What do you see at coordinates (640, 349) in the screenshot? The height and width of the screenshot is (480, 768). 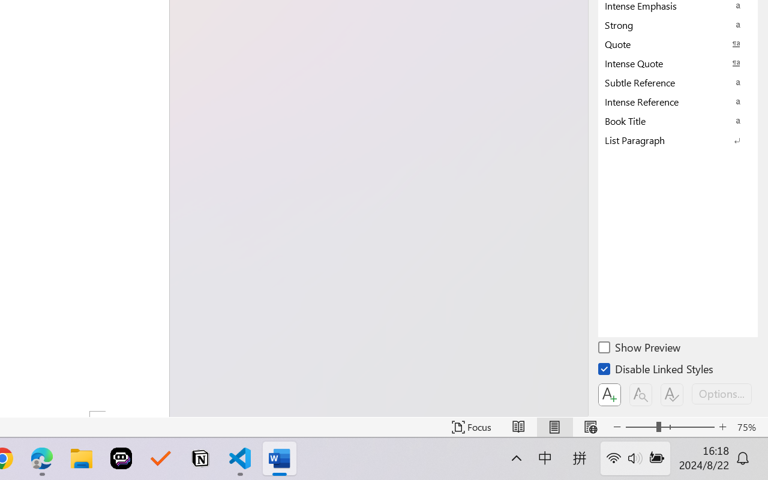 I see `'Show Preview'` at bounding box center [640, 349].